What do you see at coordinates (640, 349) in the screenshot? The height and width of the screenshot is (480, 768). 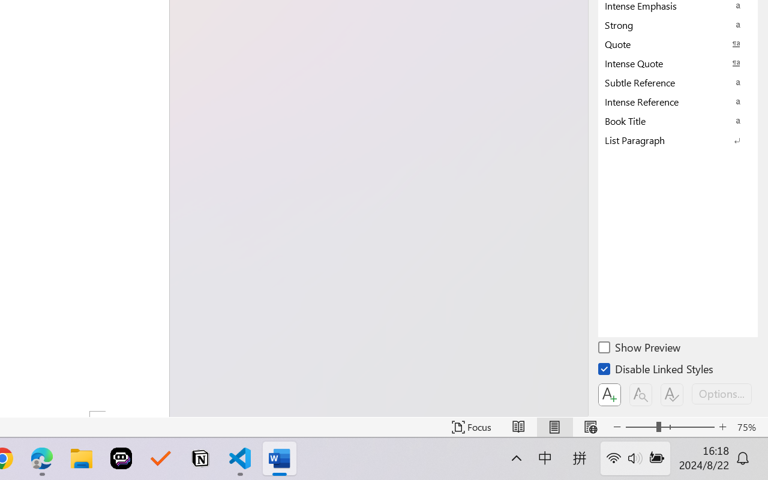 I see `'Show Preview'` at bounding box center [640, 349].